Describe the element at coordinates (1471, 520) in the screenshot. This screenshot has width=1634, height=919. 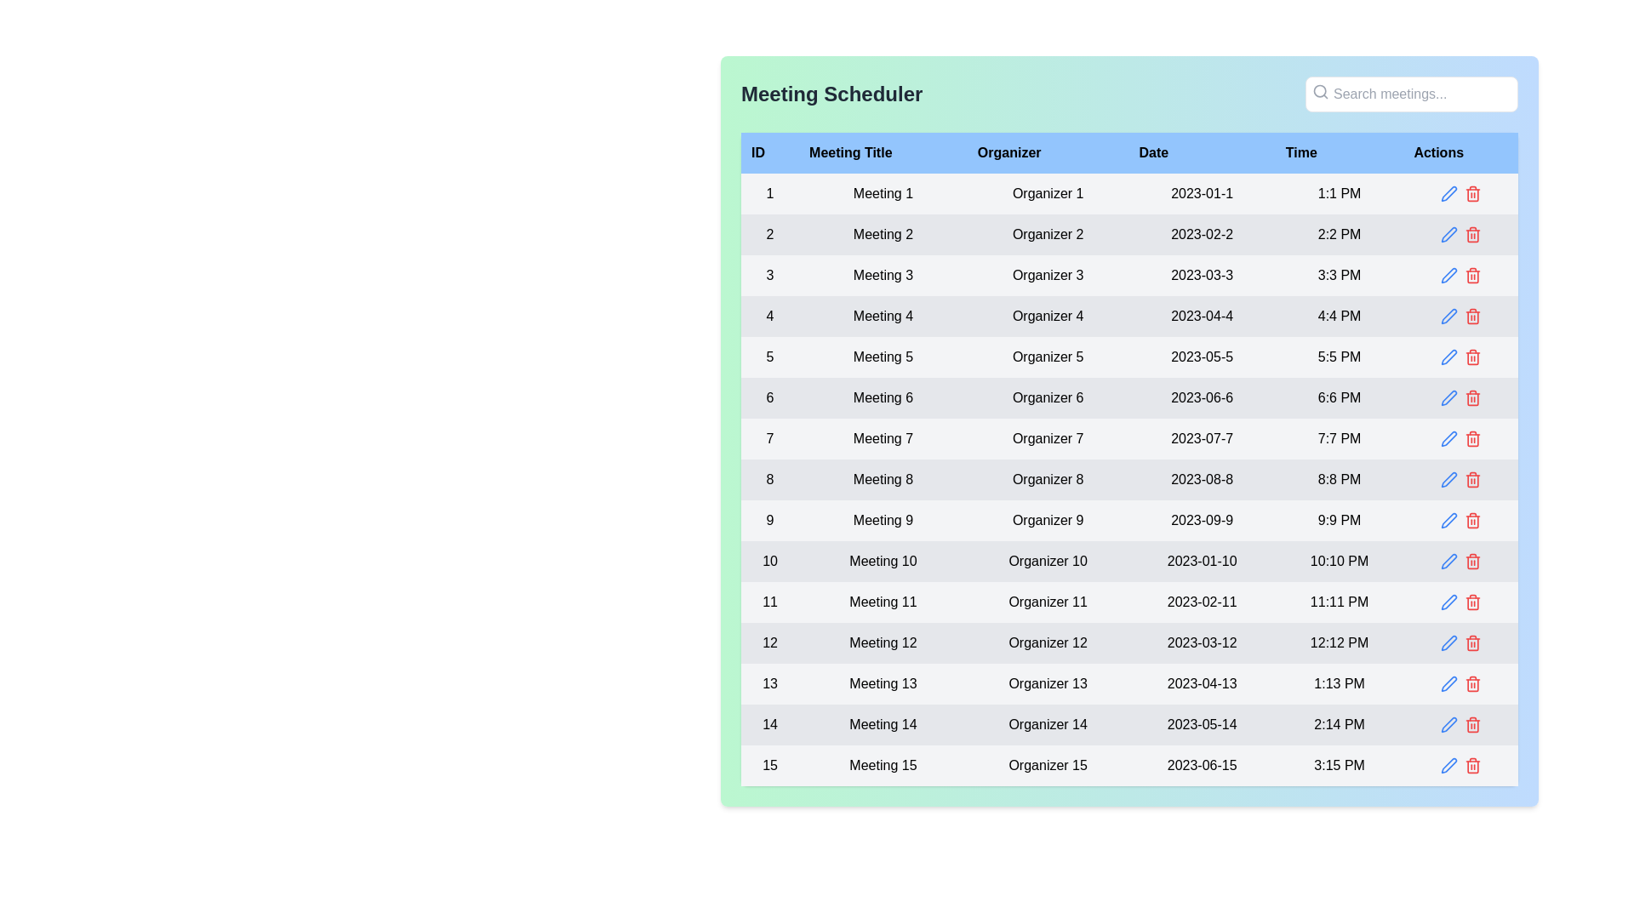
I see `the red trash can icon button located in the 'Actions' column of the meeting table for 'Meeting 9', positioned to the right of the blue edit icon` at that location.